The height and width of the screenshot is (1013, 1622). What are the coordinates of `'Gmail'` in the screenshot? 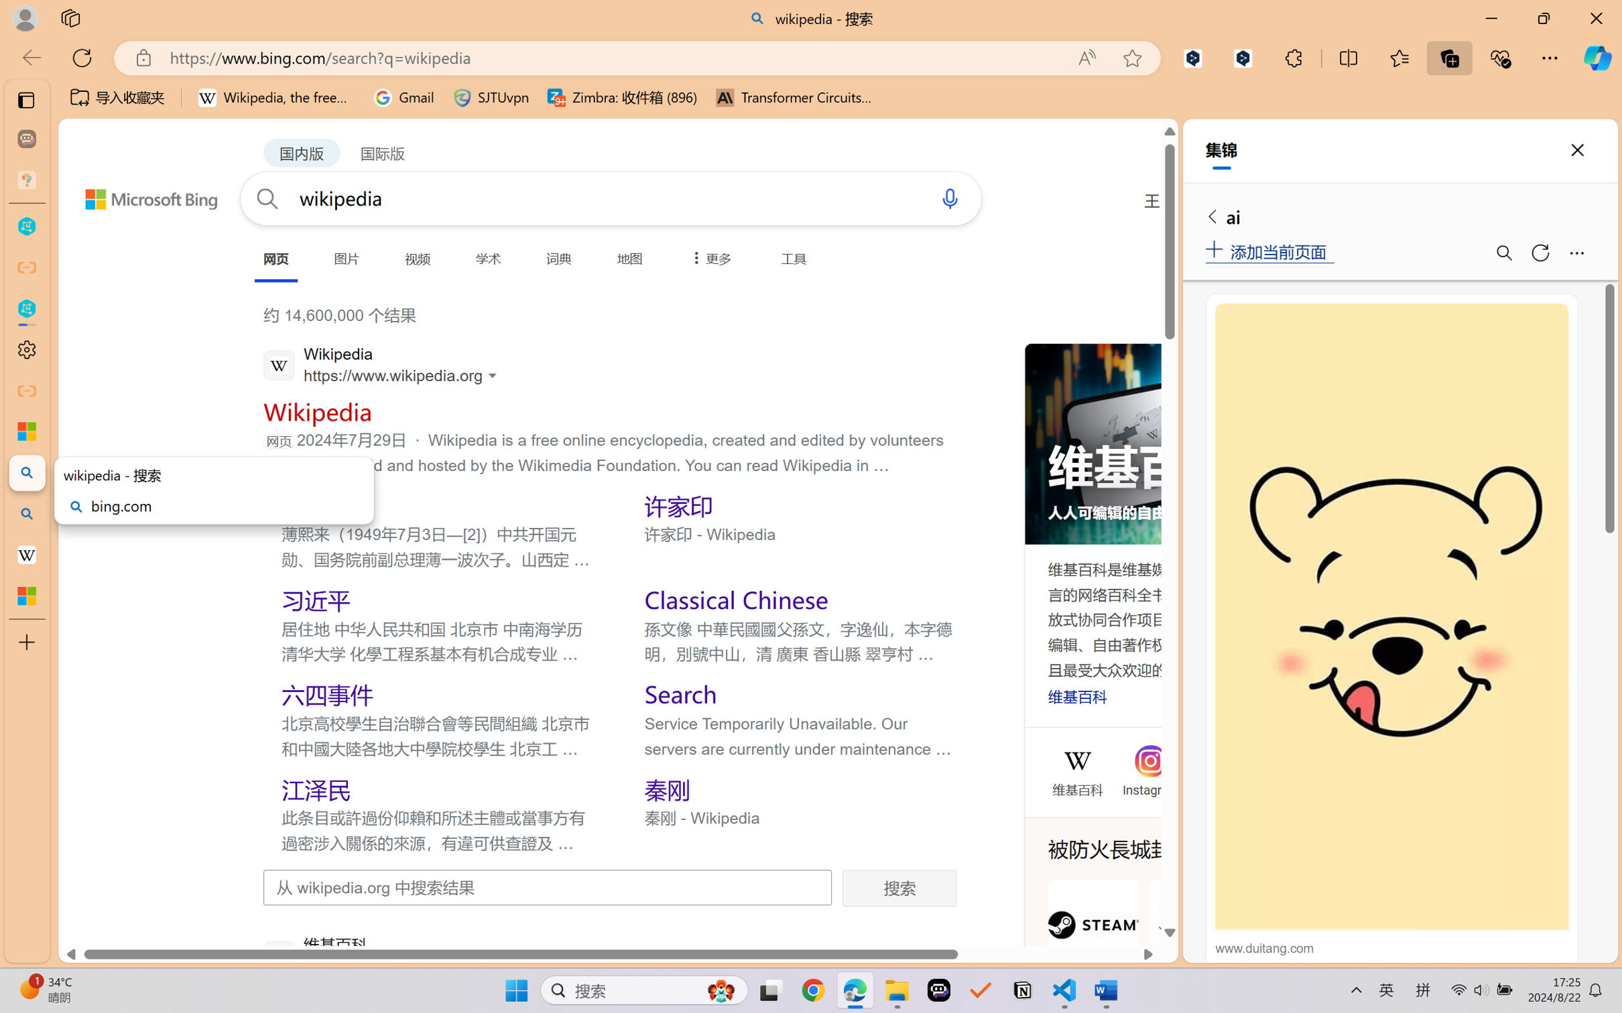 It's located at (403, 97).